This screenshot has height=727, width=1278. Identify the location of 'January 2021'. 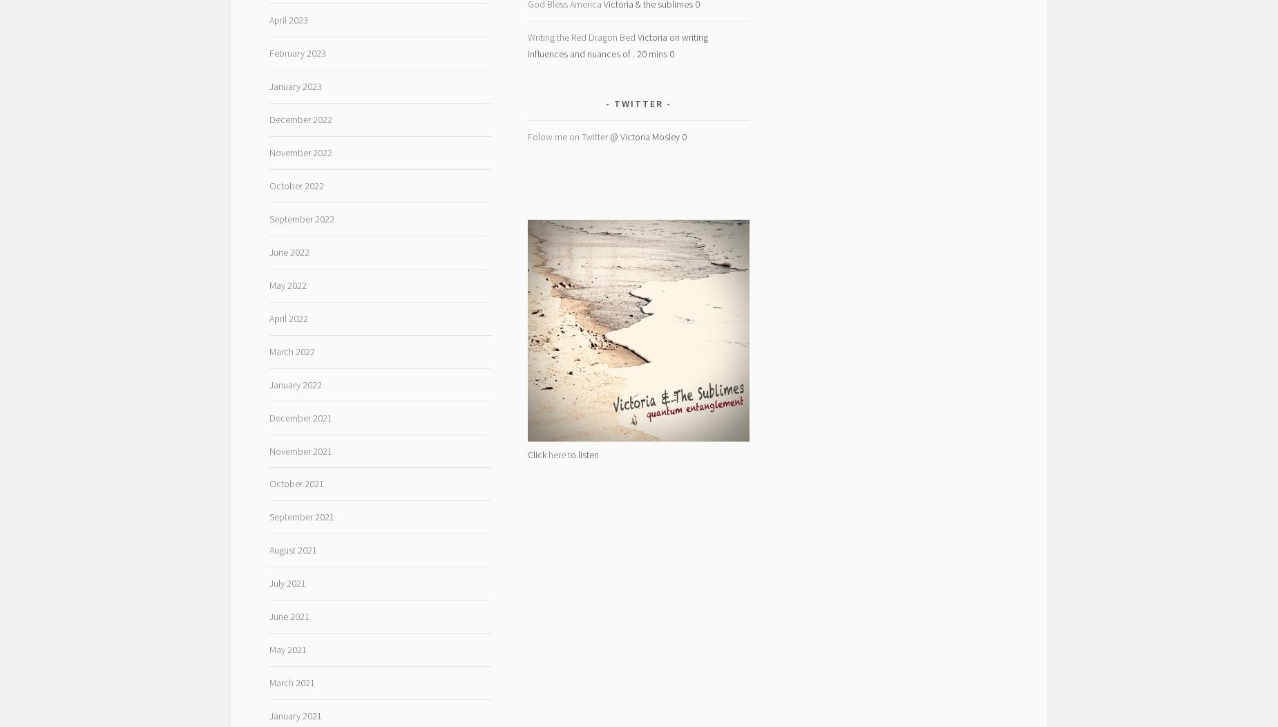
(268, 715).